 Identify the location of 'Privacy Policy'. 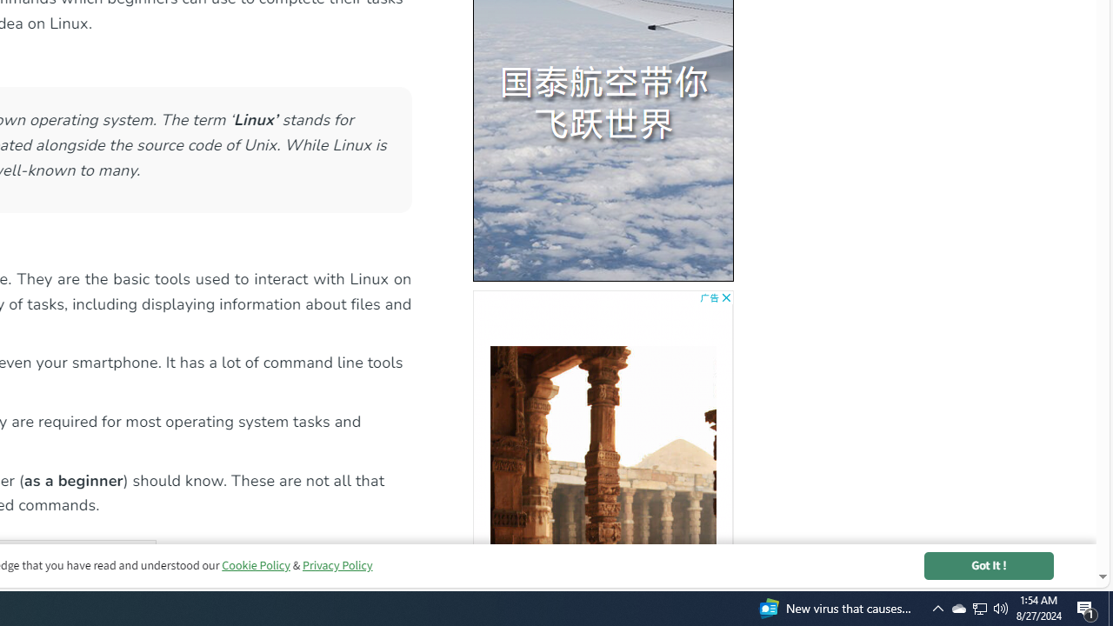
(337, 565).